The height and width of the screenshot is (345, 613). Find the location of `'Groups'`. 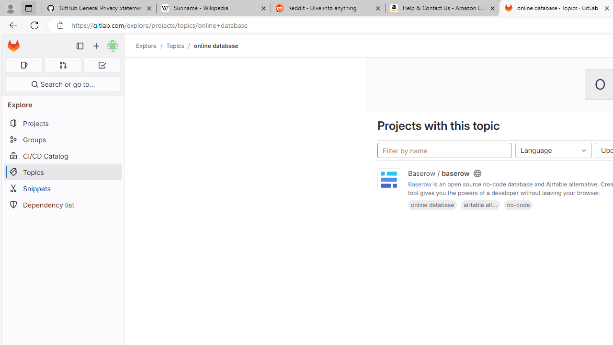

'Groups' is located at coordinates (62, 139).